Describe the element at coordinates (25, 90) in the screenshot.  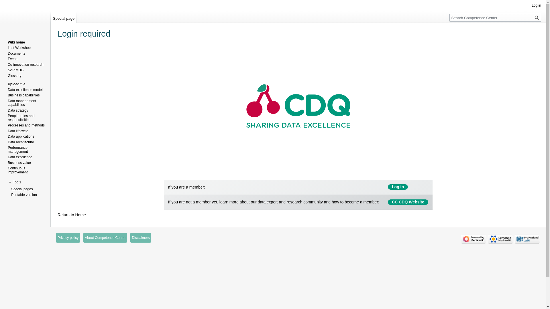
I see `'Data excellence model'` at that location.